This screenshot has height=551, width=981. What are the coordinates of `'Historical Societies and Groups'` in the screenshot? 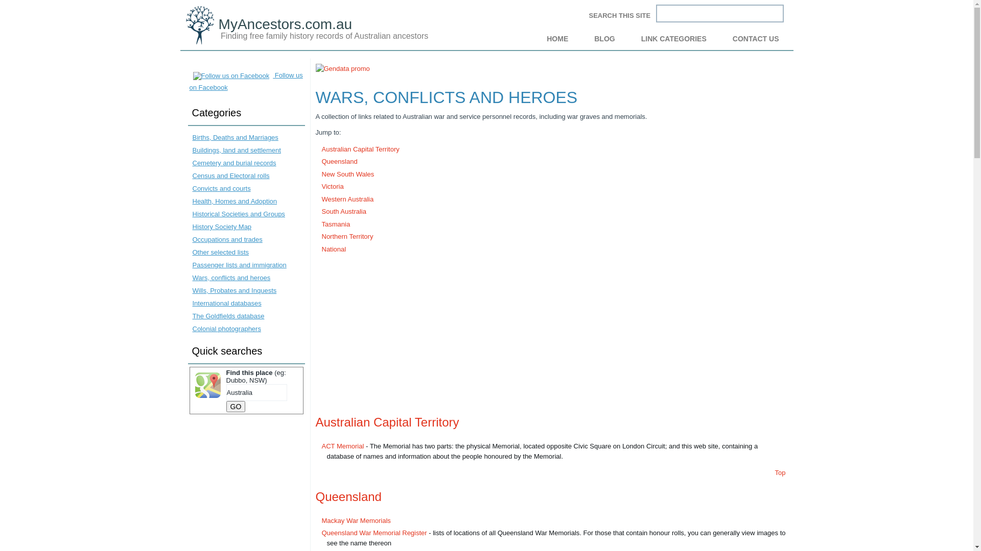 It's located at (238, 213).